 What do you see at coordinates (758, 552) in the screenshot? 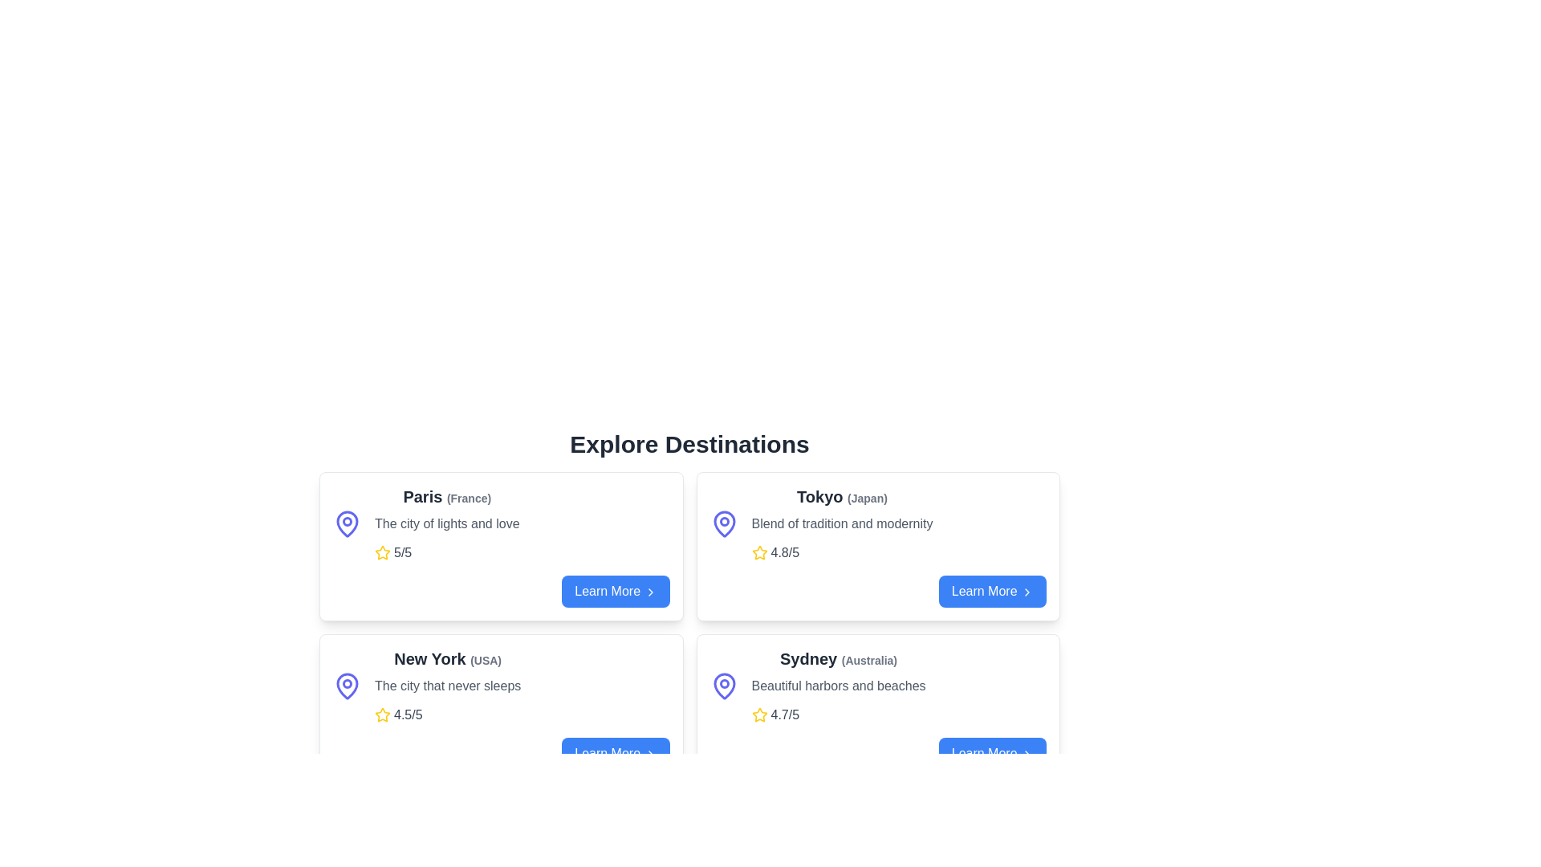
I see `the yellow star icon representing a rating for 'Tokyo (Japan)', located left of the text '4.8/5'` at bounding box center [758, 552].